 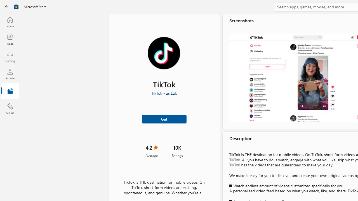 I want to click on 'Back', so click(x=7, y=7).